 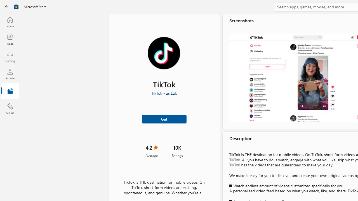 I want to click on 'Back', so click(x=7, y=7).